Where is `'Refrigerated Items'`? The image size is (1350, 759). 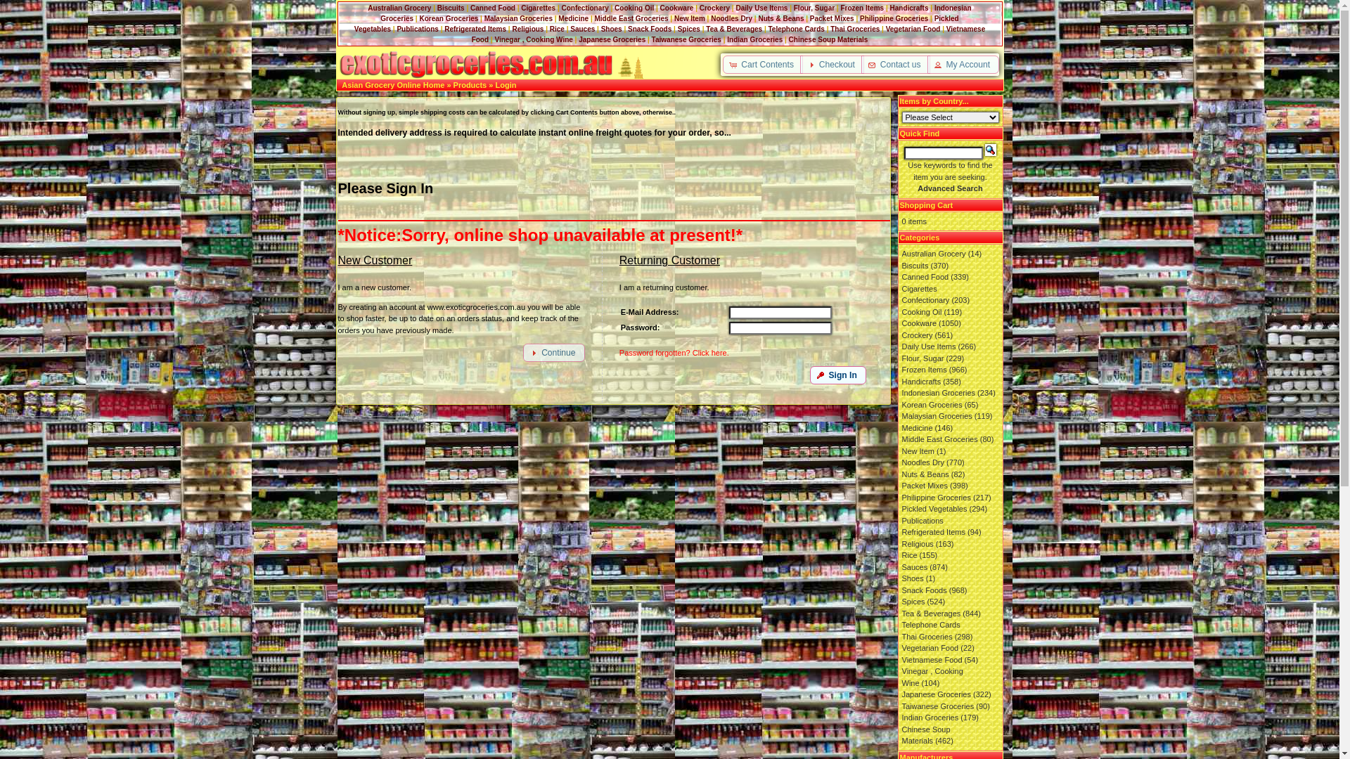 'Refrigerated Items' is located at coordinates (475, 29).